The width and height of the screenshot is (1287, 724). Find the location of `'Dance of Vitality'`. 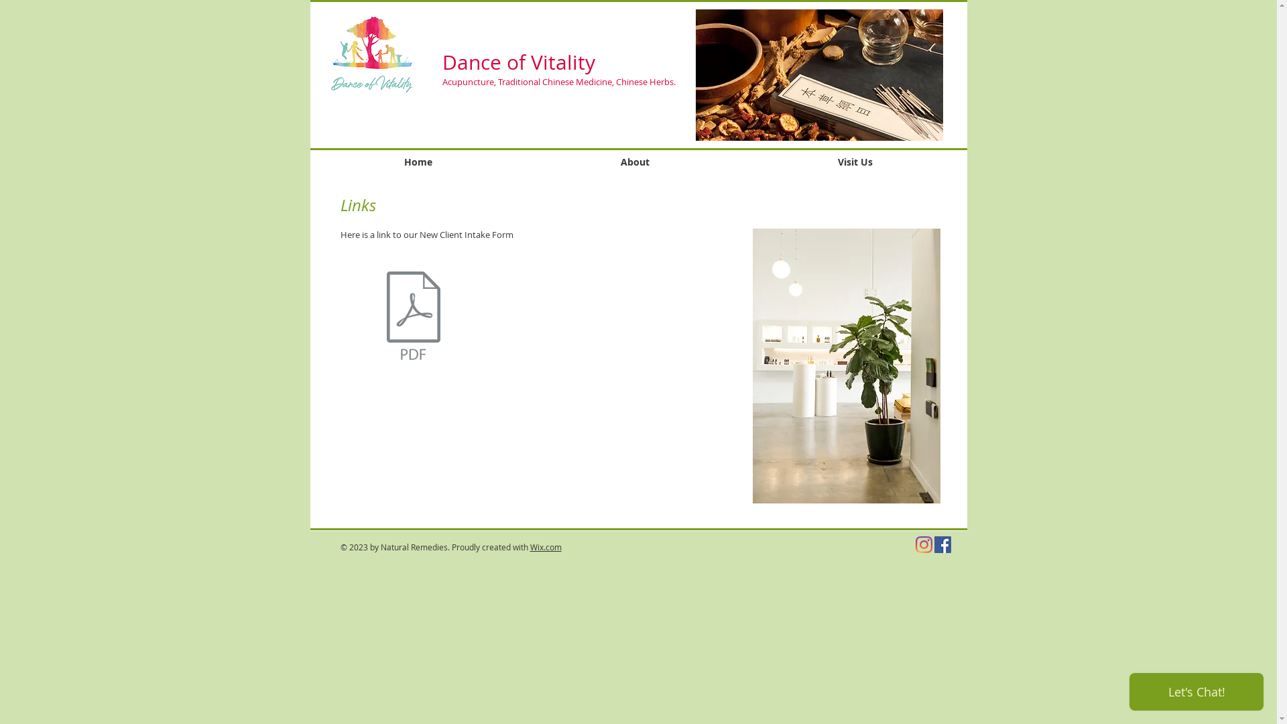

'Dance of Vitality' is located at coordinates (517, 62).